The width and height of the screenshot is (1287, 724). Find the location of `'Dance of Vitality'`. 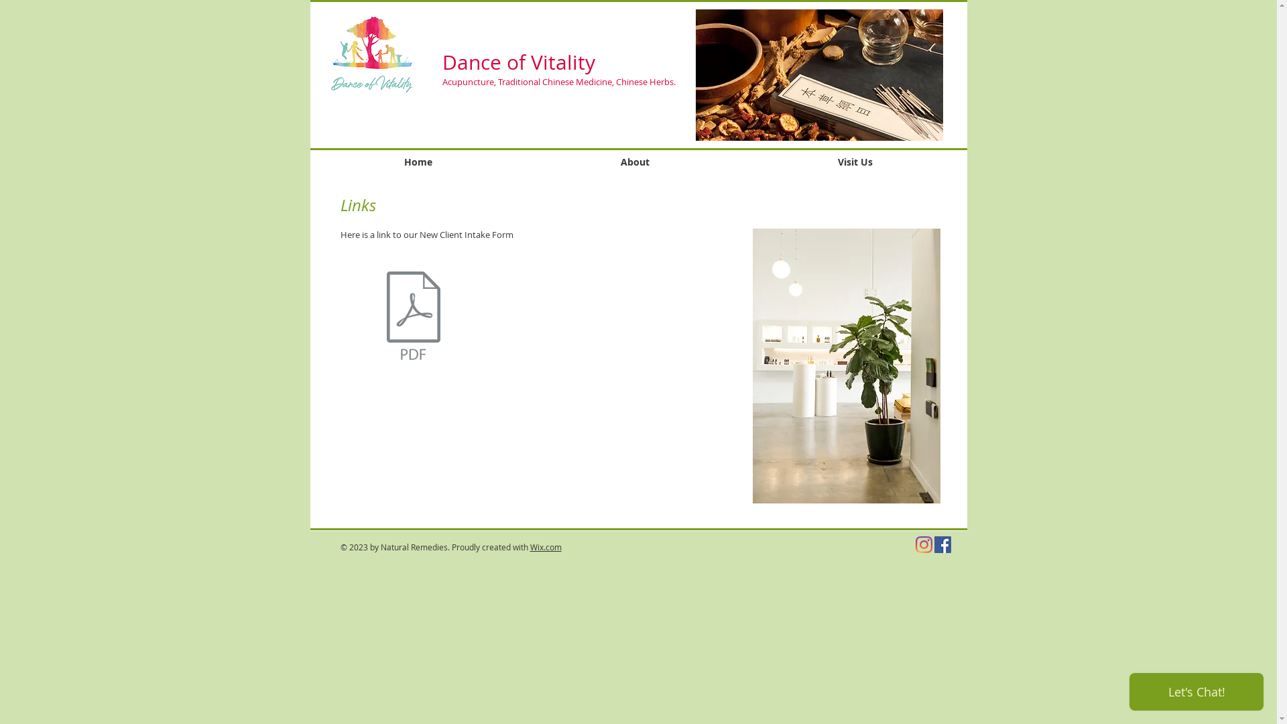

'Dance of Vitality' is located at coordinates (517, 62).